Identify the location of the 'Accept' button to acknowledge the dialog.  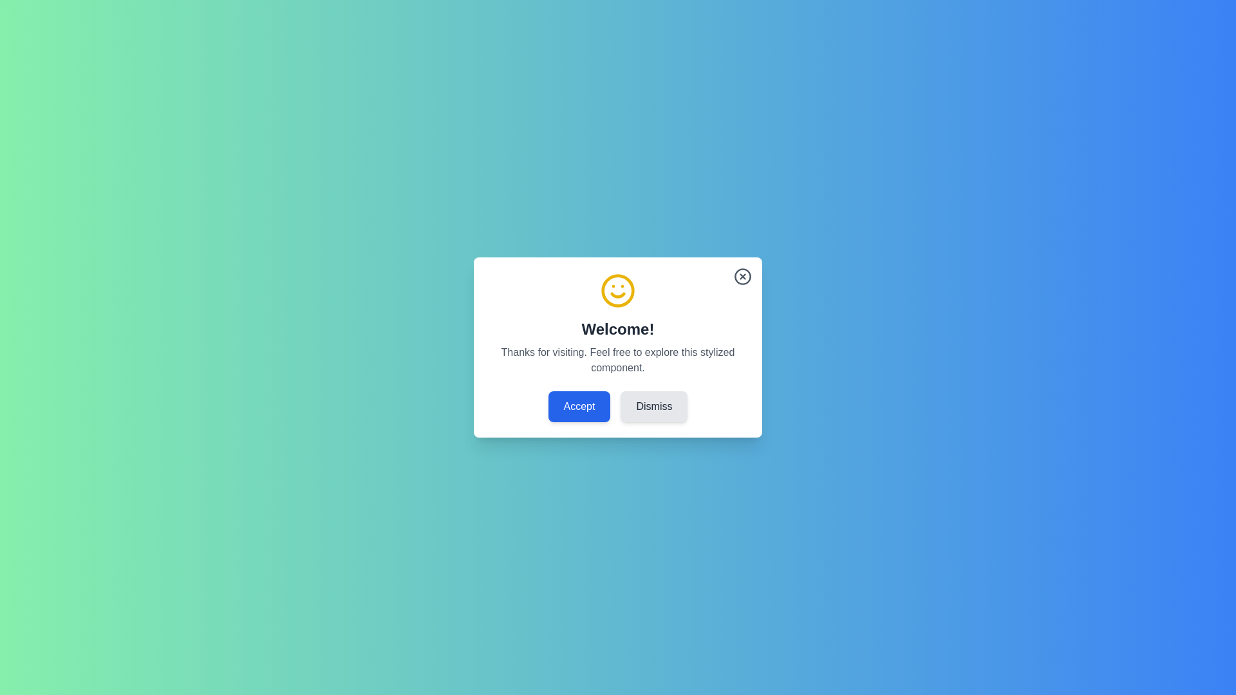
(578, 407).